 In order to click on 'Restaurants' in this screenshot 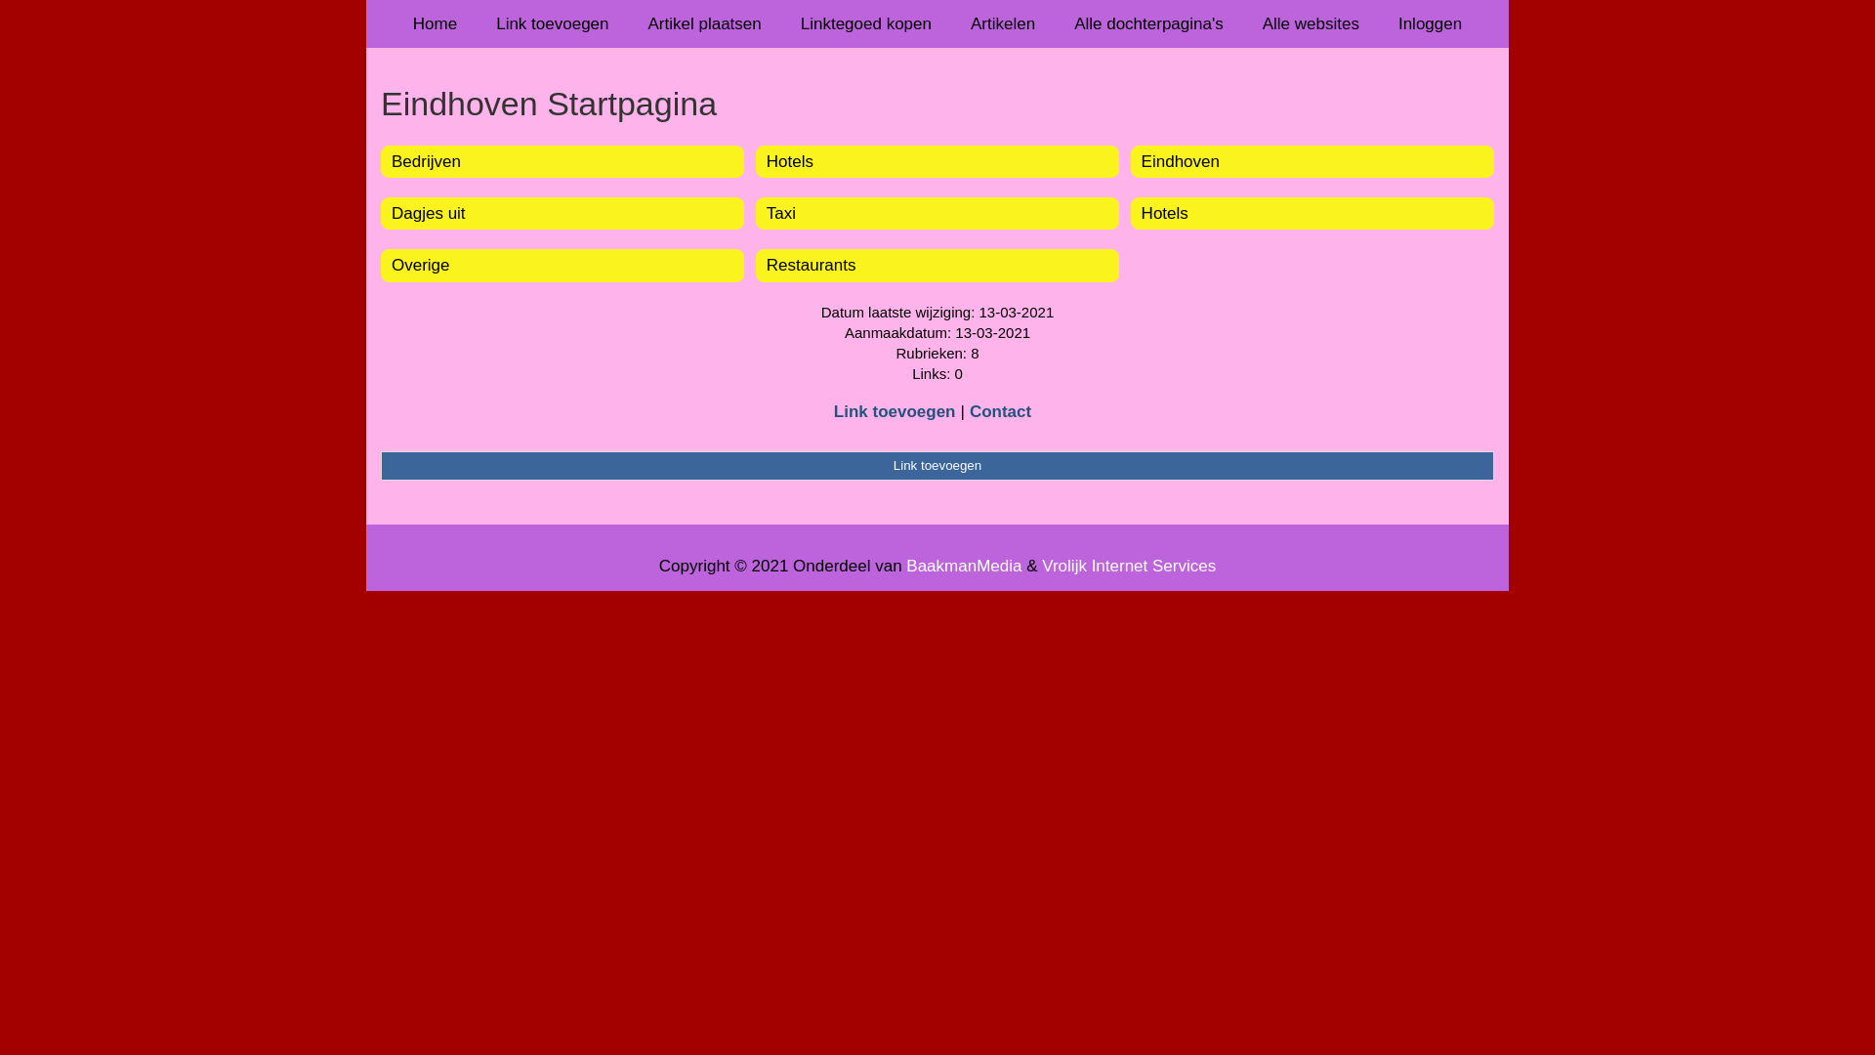, I will do `click(766, 265)`.